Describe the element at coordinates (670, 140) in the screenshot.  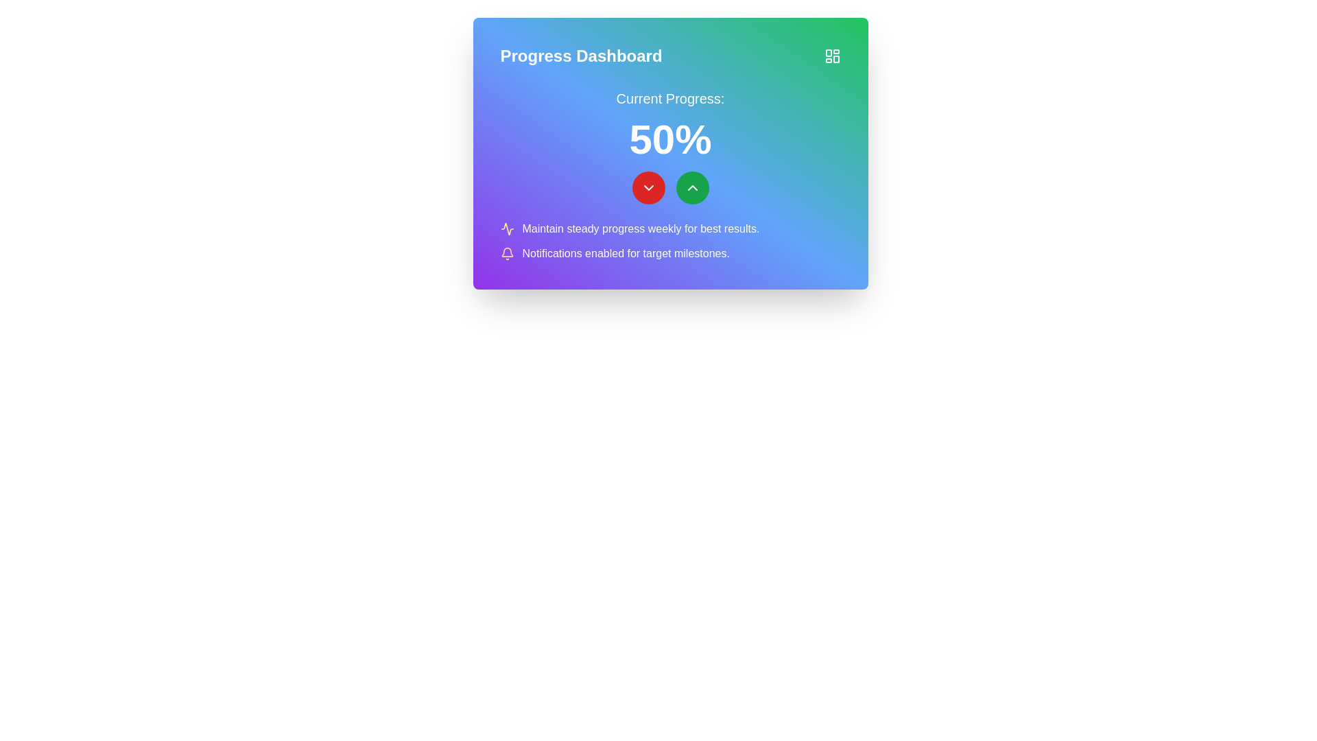
I see `the static textual element displaying the current progress percentage, located beneath 'Current Progress:' in the 'Progress Dashboard' interface` at that location.